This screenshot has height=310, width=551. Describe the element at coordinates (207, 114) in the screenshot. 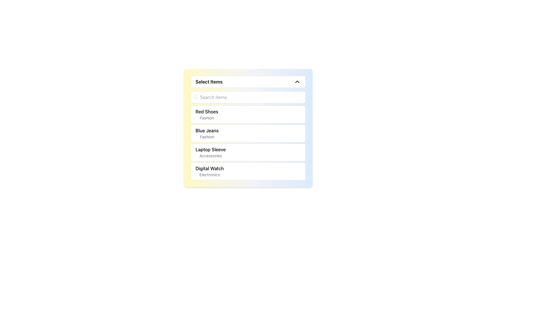

I see `the first list item displaying 'Red Shoes' in bold and 'Fashion' in gray` at that location.